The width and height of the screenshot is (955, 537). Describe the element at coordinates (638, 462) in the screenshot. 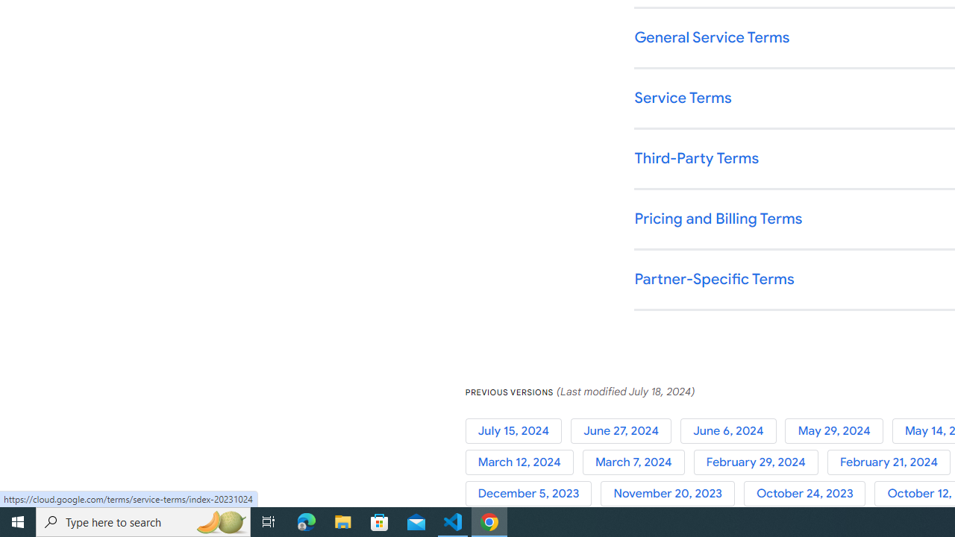

I see `'March 7, 2024'` at that location.